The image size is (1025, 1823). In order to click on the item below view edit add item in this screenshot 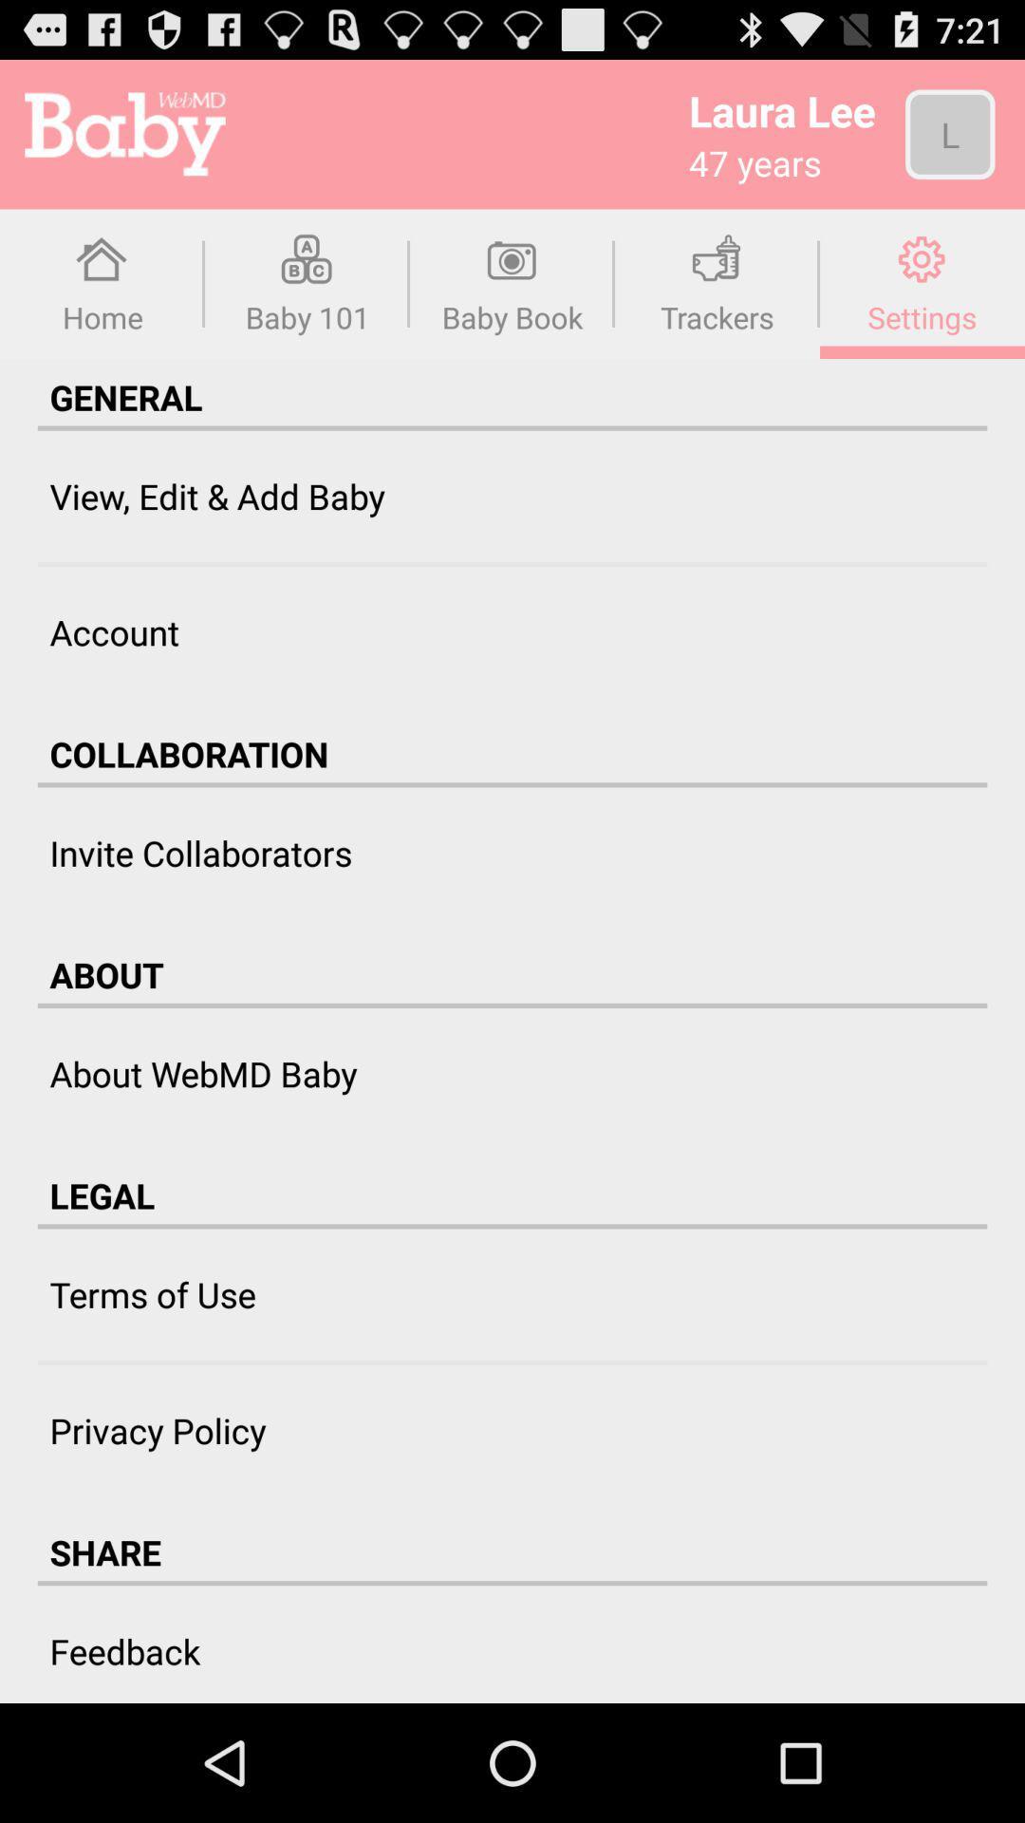, I will do `click(512, 563)`.